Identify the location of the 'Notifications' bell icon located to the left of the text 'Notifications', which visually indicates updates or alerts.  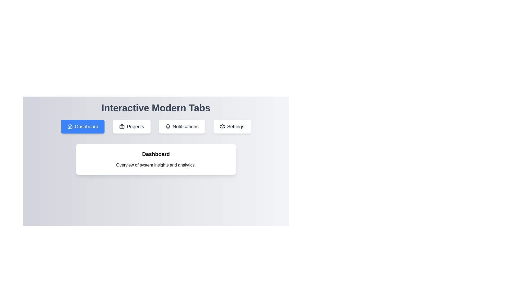
(167, 126).